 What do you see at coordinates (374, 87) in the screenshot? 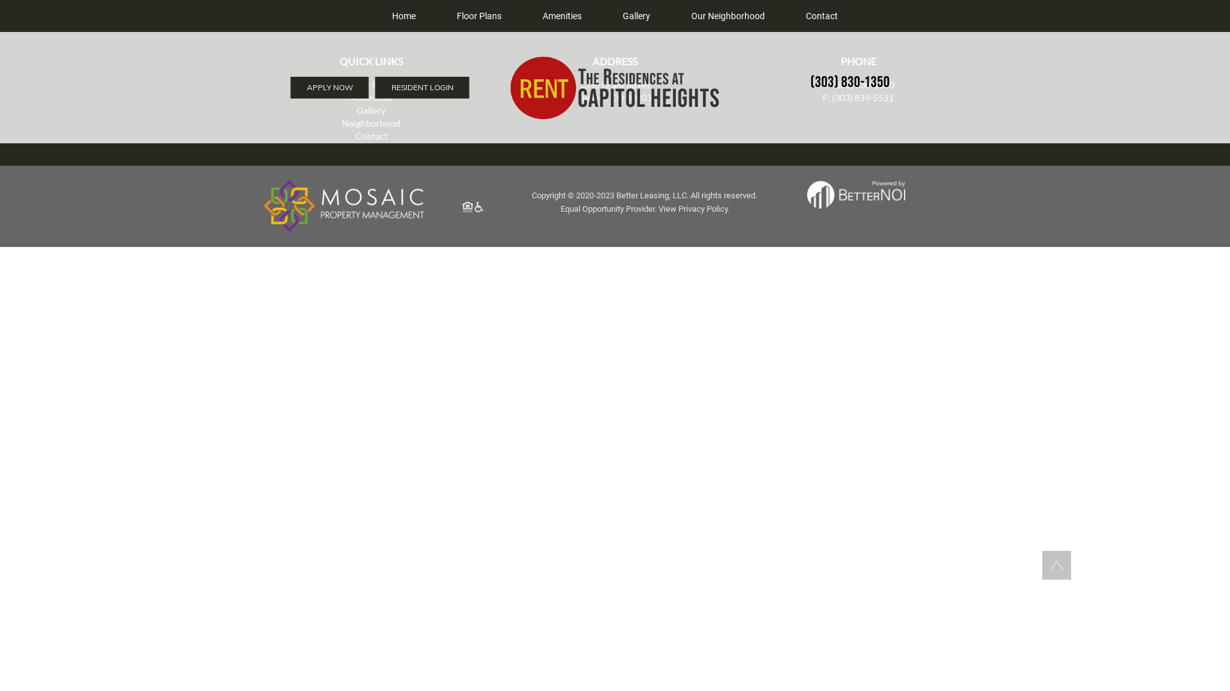
I see `'RESIDENT LOGIN'` at bounding box center [374, 87].